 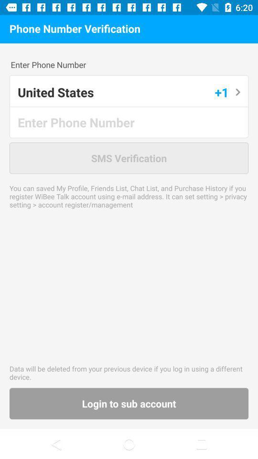 What do you see at coordinates (129, 121) in the screenshot?
I see `getting phone number into textbar` at bounding box center [129, 121].